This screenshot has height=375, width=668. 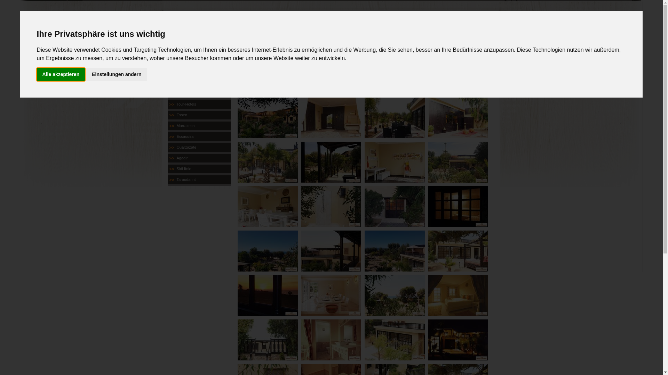 What do you see at coordinates (267, 135) in the screenshot?
I see `'TIGERLOUNGE - Hotel/Club Lounge'` at bounding box center [267, 135].